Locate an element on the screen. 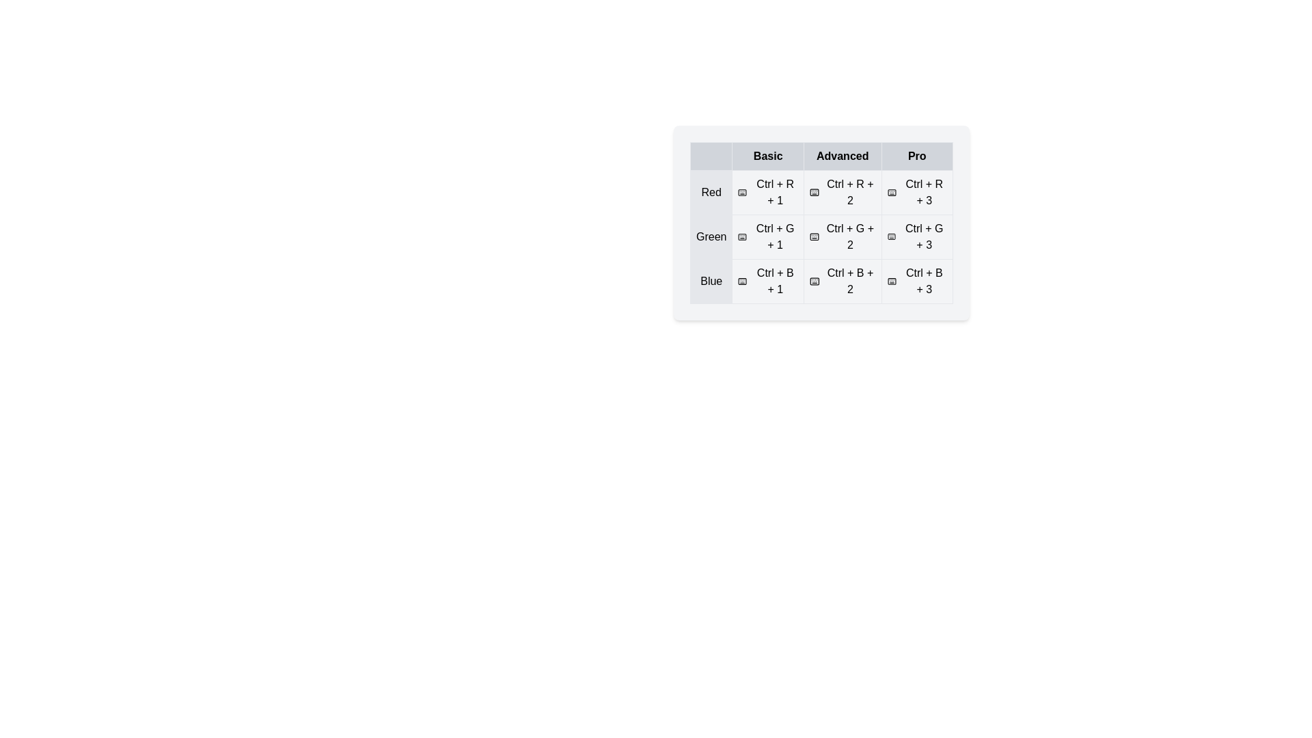  the keyboard symbol icon located in the 'Pro' column and 'Blue' row of the grid table is located at coordinates (892, 281).